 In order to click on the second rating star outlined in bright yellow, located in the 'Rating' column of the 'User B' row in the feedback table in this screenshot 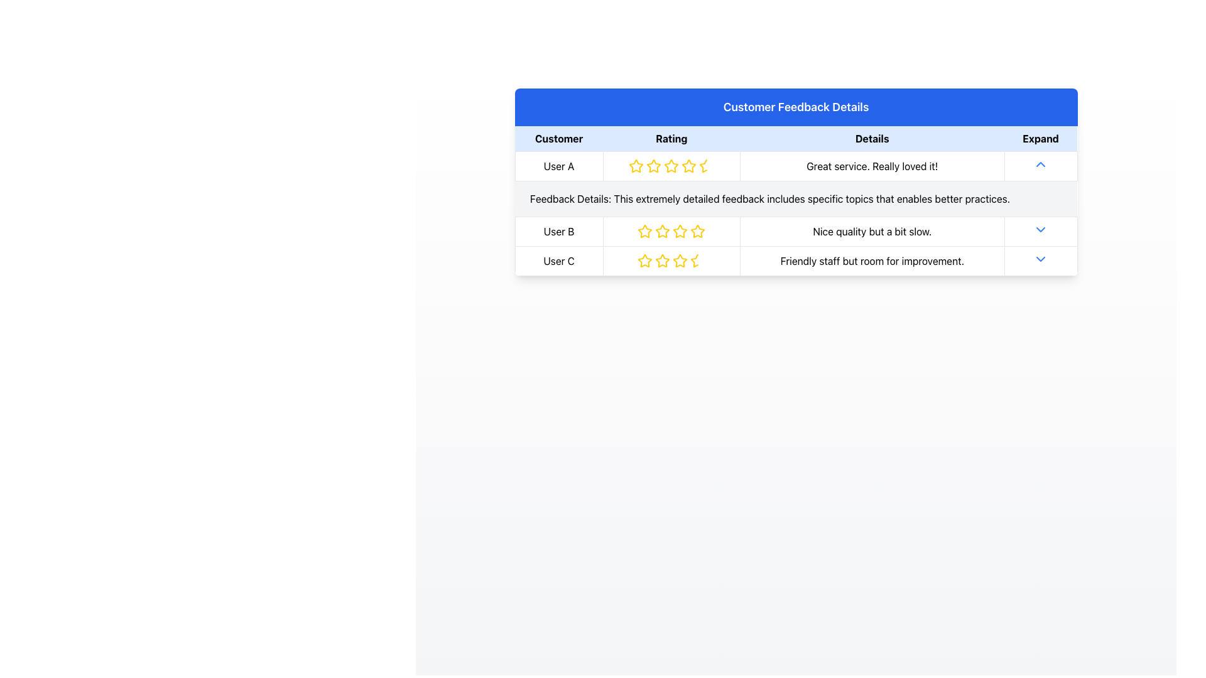, I will do `click(645, 232)`.